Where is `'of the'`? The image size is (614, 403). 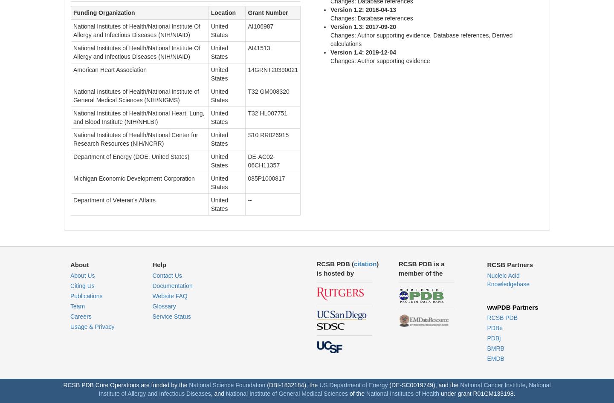
'of the' is located at coordinates (357, 393).